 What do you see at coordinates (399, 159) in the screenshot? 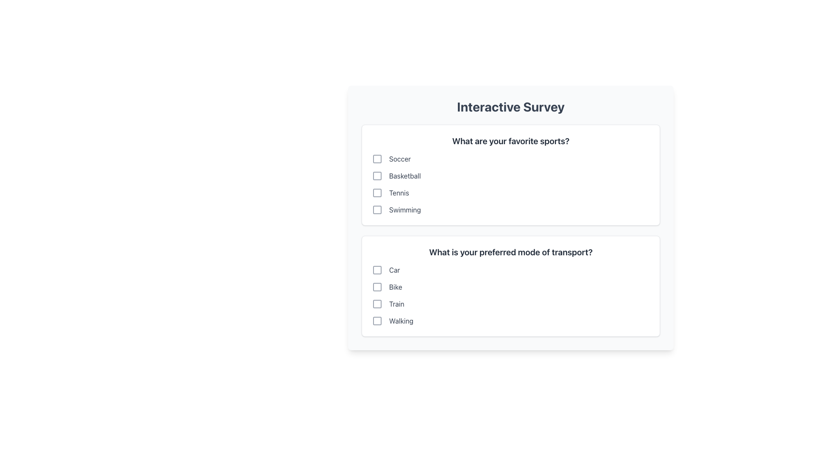
I see `the 'Soccer' label in the survey options for favorite sports, which is the first choice after the checkbox` at bounding box center [399, 159].